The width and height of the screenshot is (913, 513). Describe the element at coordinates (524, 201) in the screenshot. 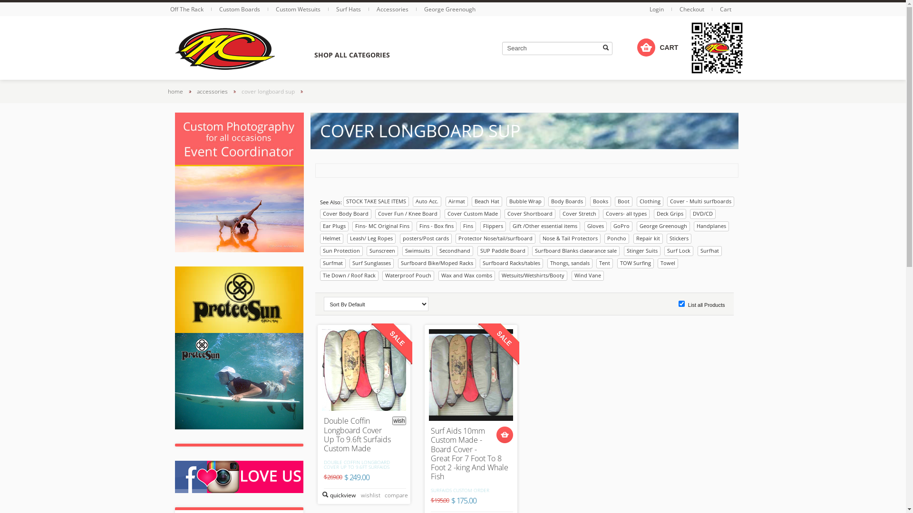

I see `'Bubble Wrap'` at that location.